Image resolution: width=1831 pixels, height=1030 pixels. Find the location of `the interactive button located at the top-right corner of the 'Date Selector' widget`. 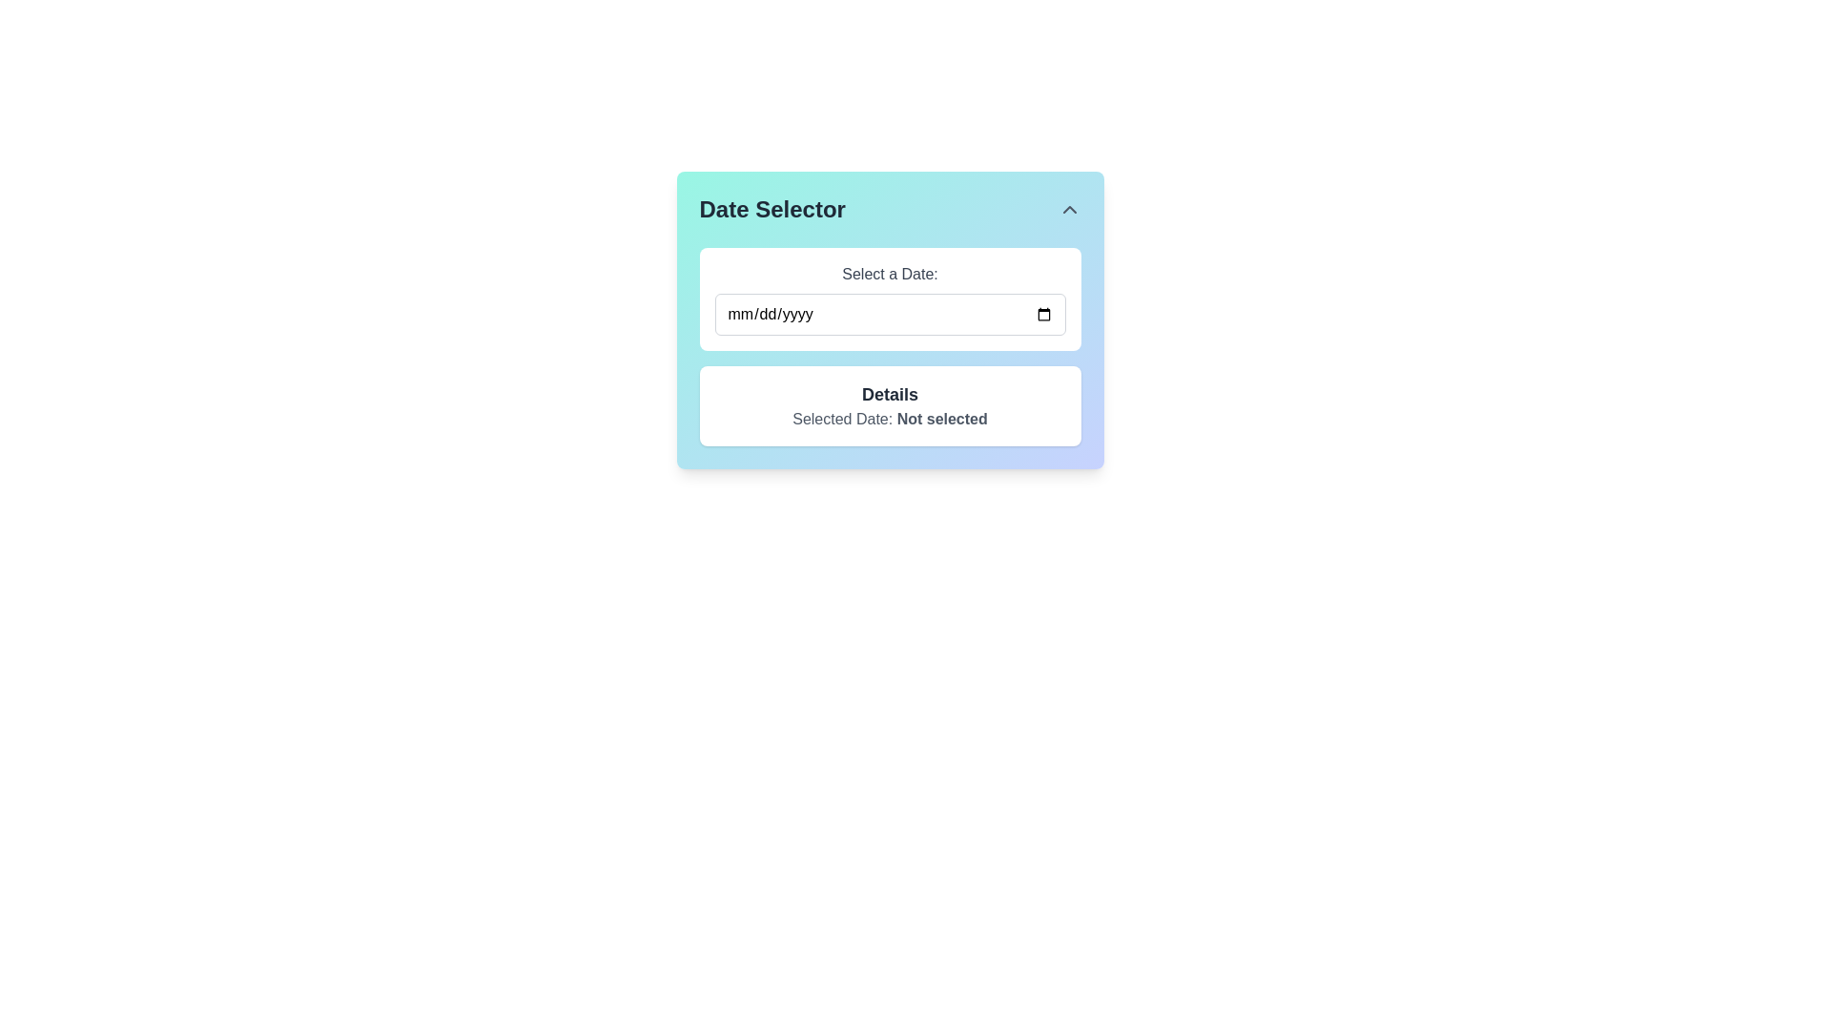

the interactive button located at the top-right corner of the 'Date Selector' widget is located at coordinates (1069, 209).